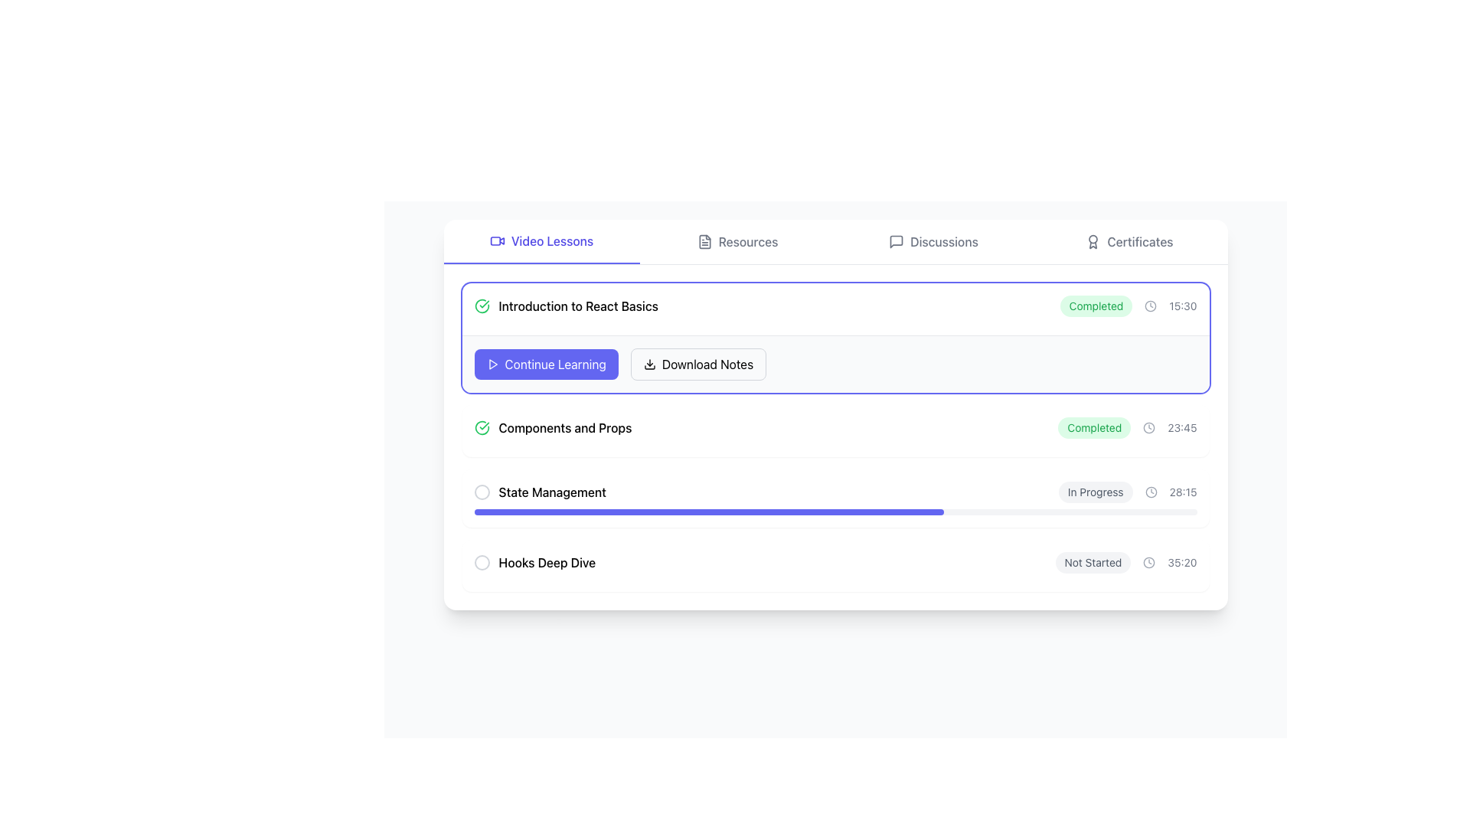 The image size is (1470, 827). I want to click on the completion icon located to the left of the 'Components and Props' text in the second list item to indicate the completion status of this section, so click(481, 428).